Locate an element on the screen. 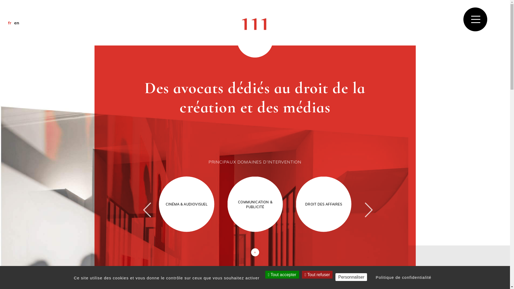 This screenshot has width=514, height=289. 'Tout accepter' is located at coordinates (265, 275).